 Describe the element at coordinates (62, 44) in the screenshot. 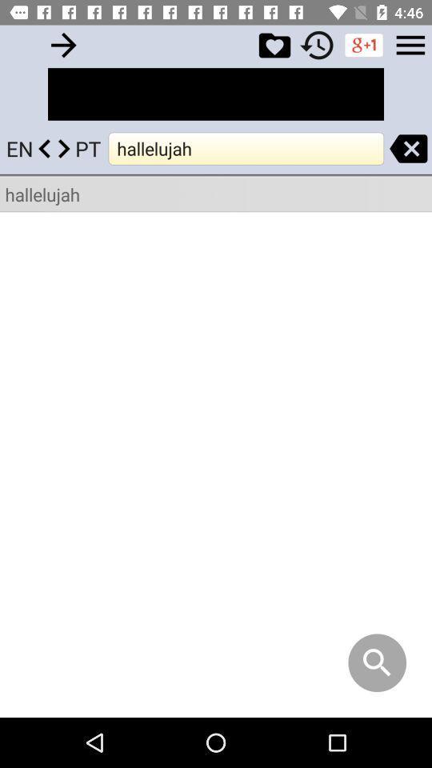

I see `next page` at that location.